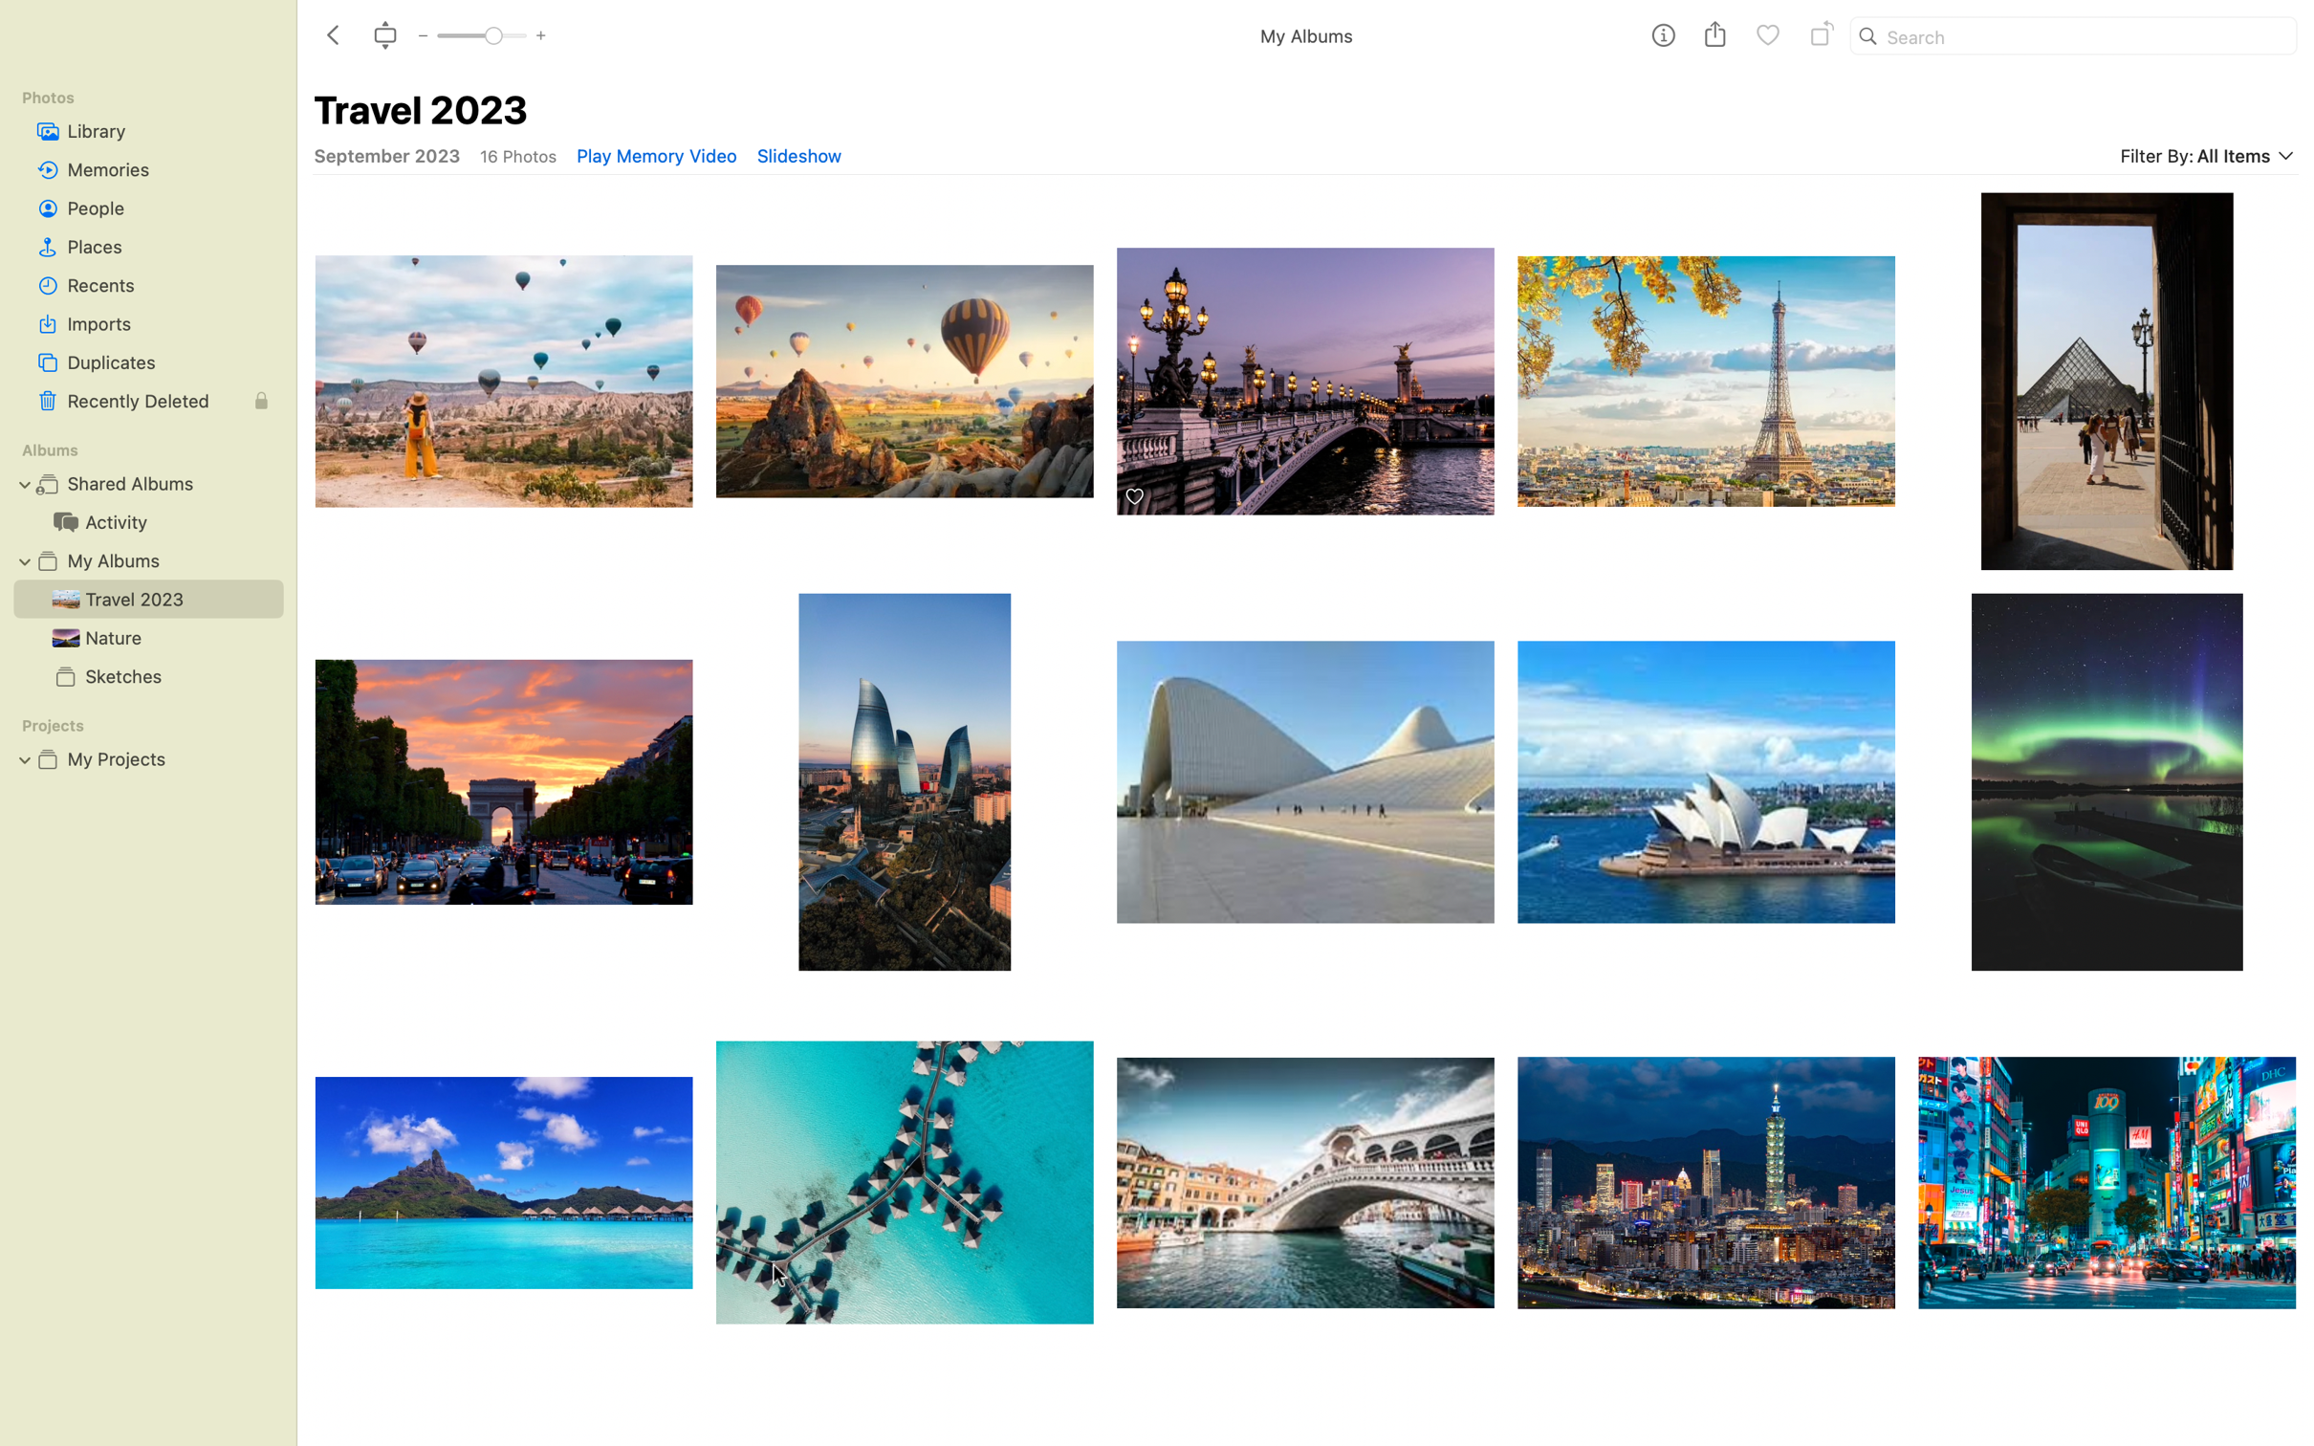 Image resolution: width=2314 pixels, height=1446 pixels. Describe the element at coordinates (500, 782) in the screenshot. I see `Spin the image of Arc de Triomphe three times` at that location.